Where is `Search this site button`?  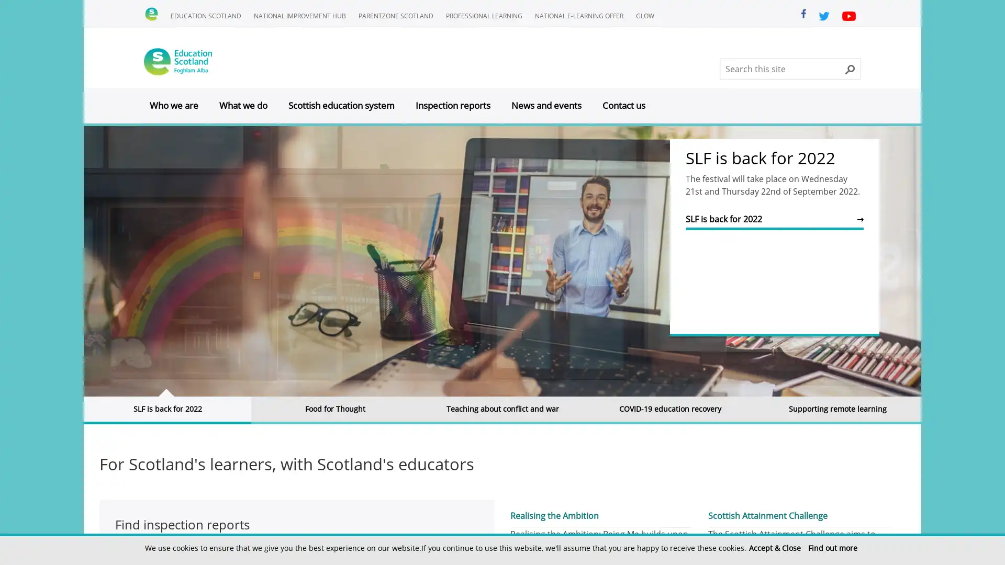 Search this site button is located at coordinates (850, 72).